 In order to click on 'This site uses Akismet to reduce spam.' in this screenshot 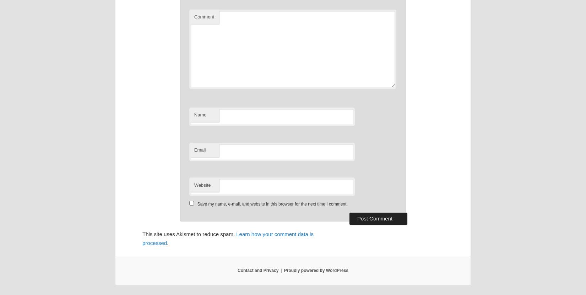, I will do `click(142, 234)`.